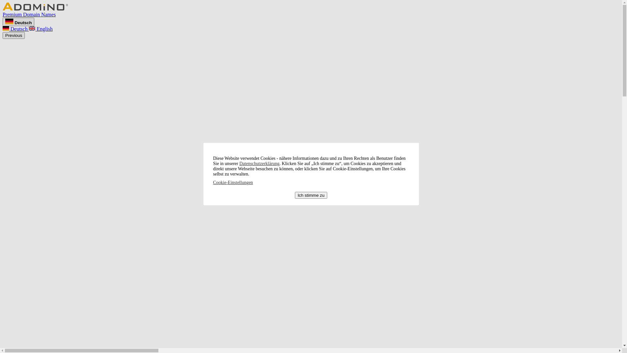 The height and width of the screenshot is (353, 627). What do you see at coordinates (18, 21) in the screenshot?
I see `'Deutsch'` at bounding box center [18, 21].